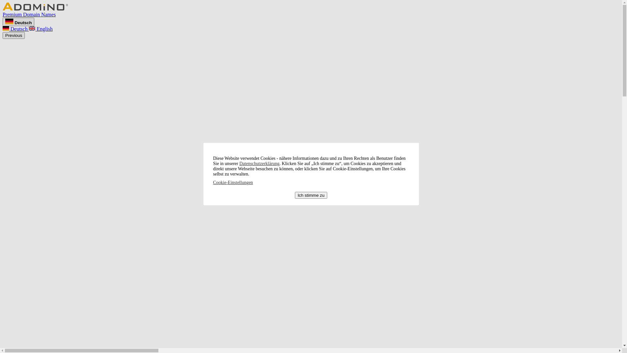 The height and width of the screenshot is (353, 627). What do you see at coordinates (18, 21) in the screenshot?
I see `'Deutsch'` at bounding box center [18, 21].